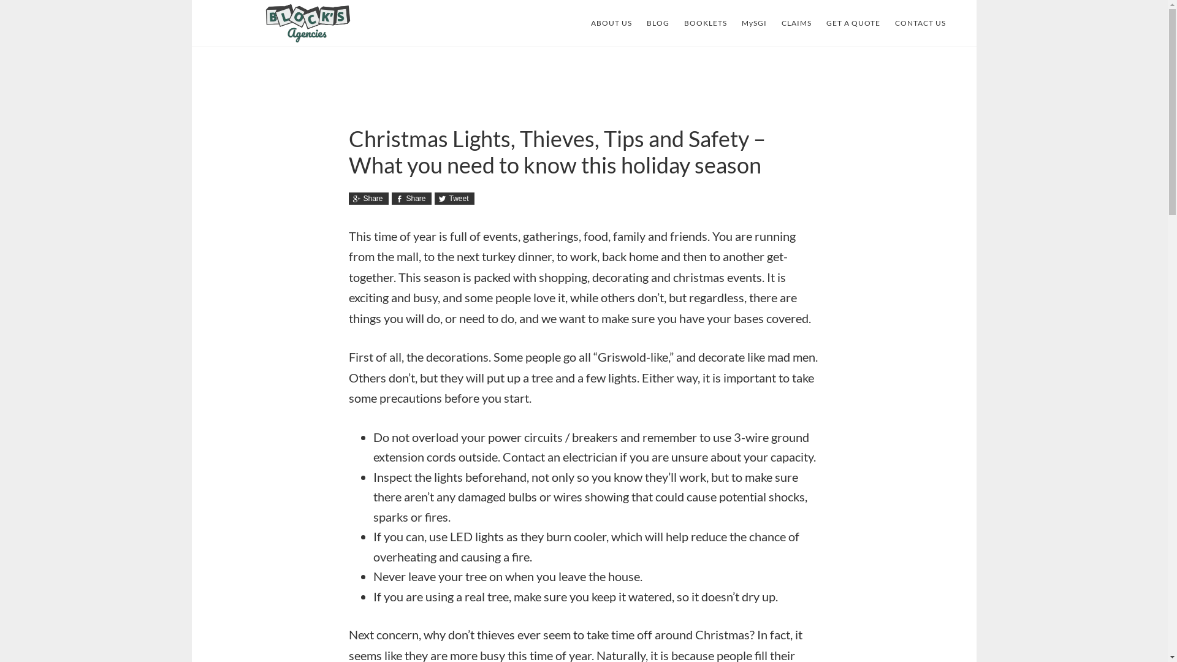 The width and height of the screenshot is (1177, 662). What do you see at coordinates (706, 23) in the screenshot?
I see `'BOOKLETS'` at bounding box center [706, 23].